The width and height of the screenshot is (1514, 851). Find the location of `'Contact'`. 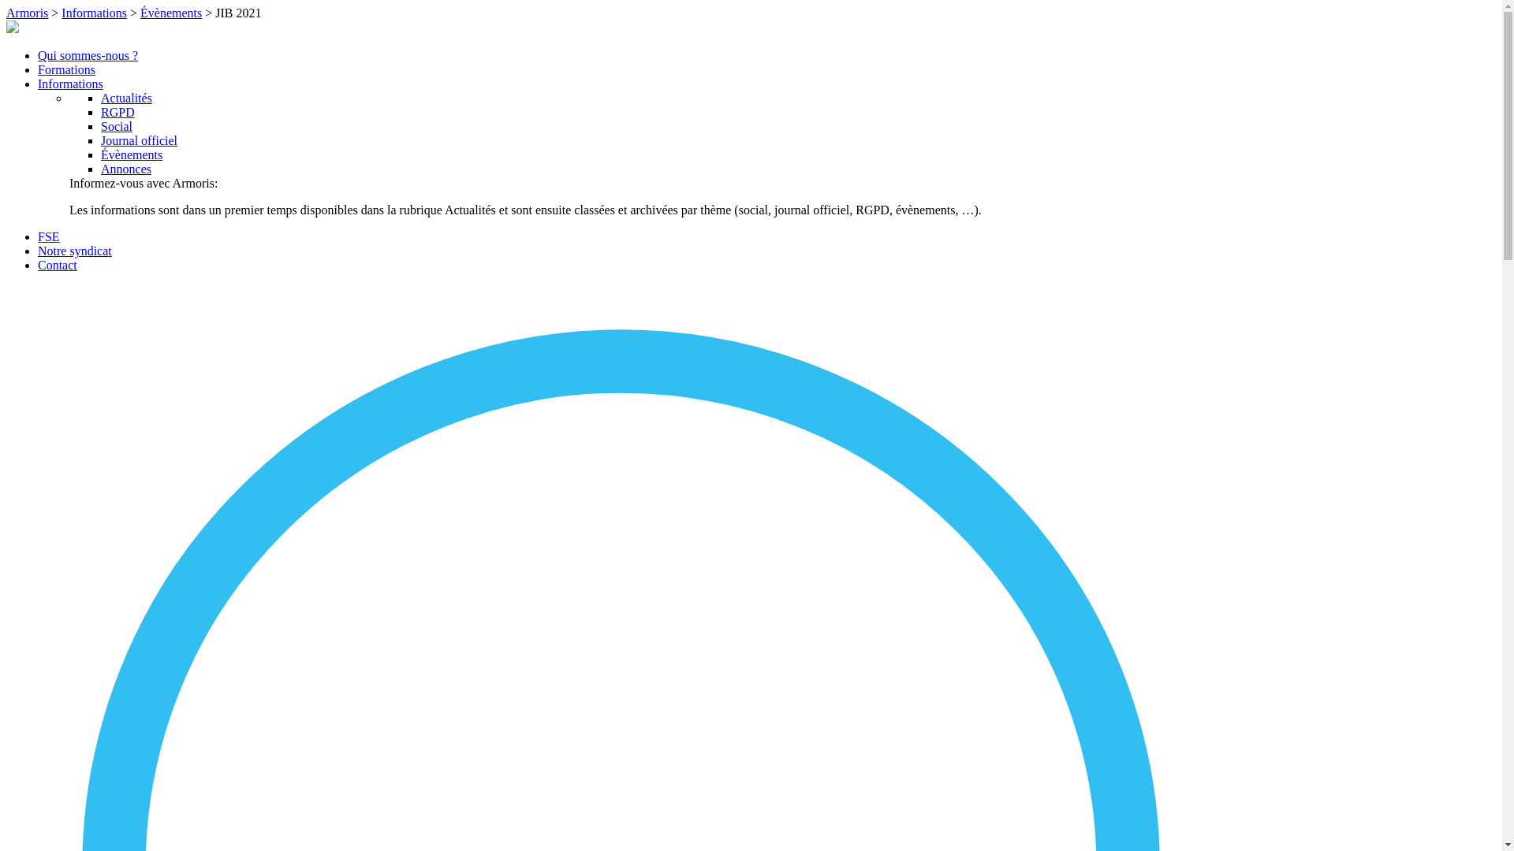

'Contact' is located at coordinates (57, 264).